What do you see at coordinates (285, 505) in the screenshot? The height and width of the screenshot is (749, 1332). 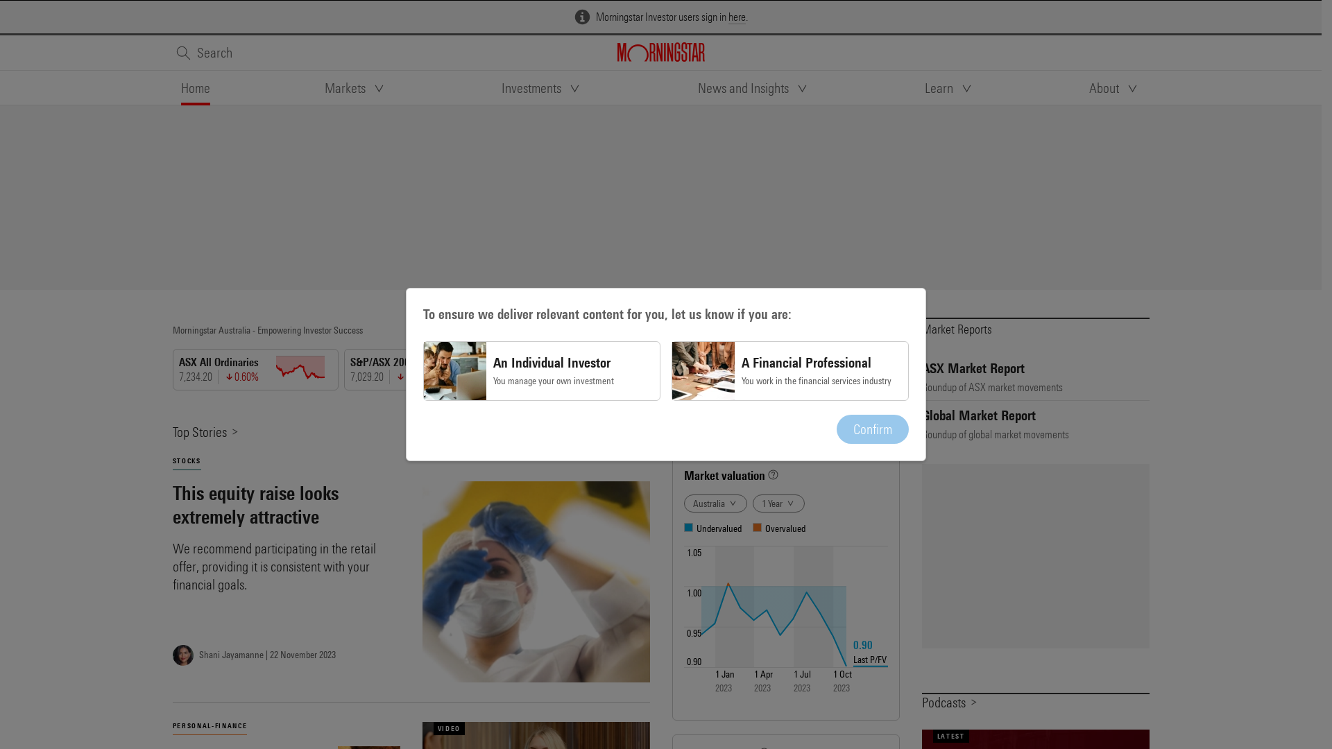 I see `'This equity raise looks extremely attractive'` at bounding box center [285, 505].